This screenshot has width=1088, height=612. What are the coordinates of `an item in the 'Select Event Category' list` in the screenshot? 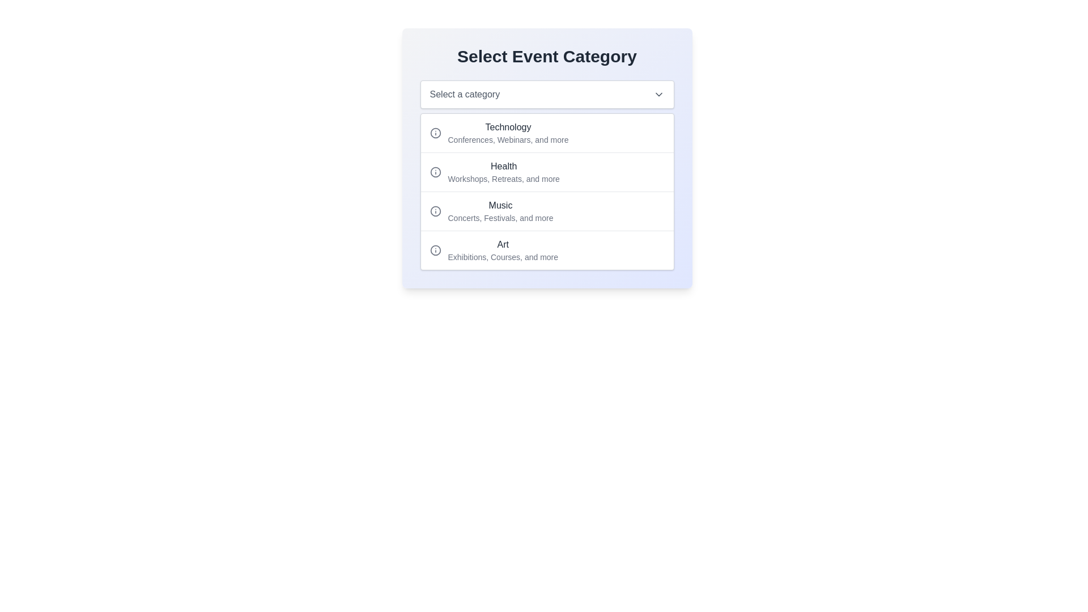 It's located at (547, 191).